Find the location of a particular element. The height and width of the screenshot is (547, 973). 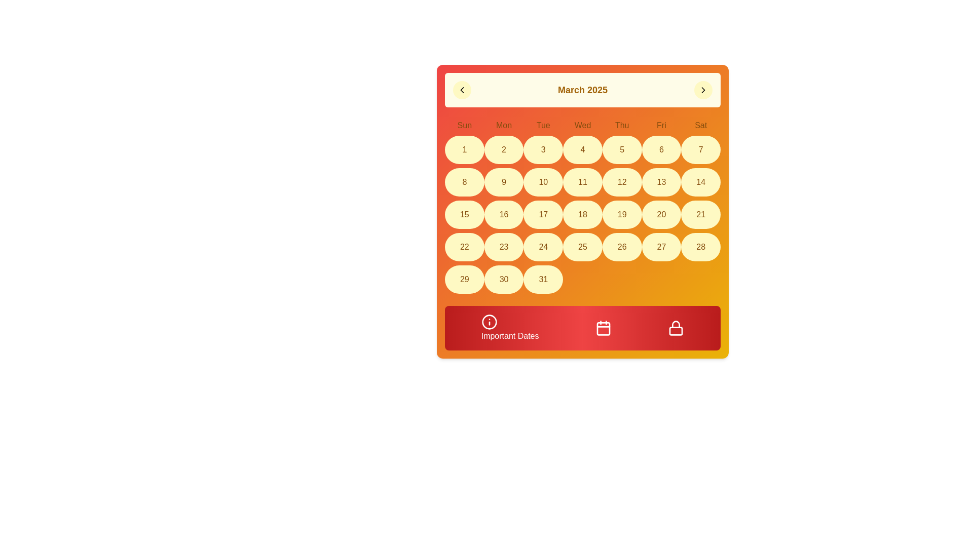

the text label displaying 'Mon', which is the second label in the row of day abbreviations in the calendar header is located at coordinates (504, 125).